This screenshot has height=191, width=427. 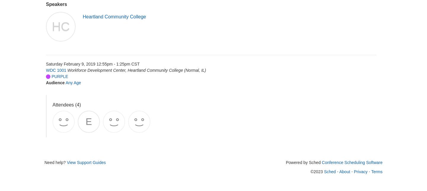 What do you see at coordinates (317, 171) in the screenshot?
I see `'©2023'` at bounding box center [317, 171].